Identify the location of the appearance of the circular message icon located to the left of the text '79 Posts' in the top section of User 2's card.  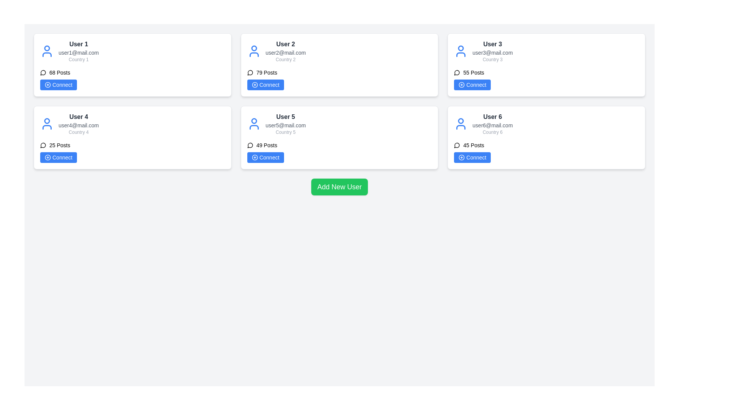
(250, 72).